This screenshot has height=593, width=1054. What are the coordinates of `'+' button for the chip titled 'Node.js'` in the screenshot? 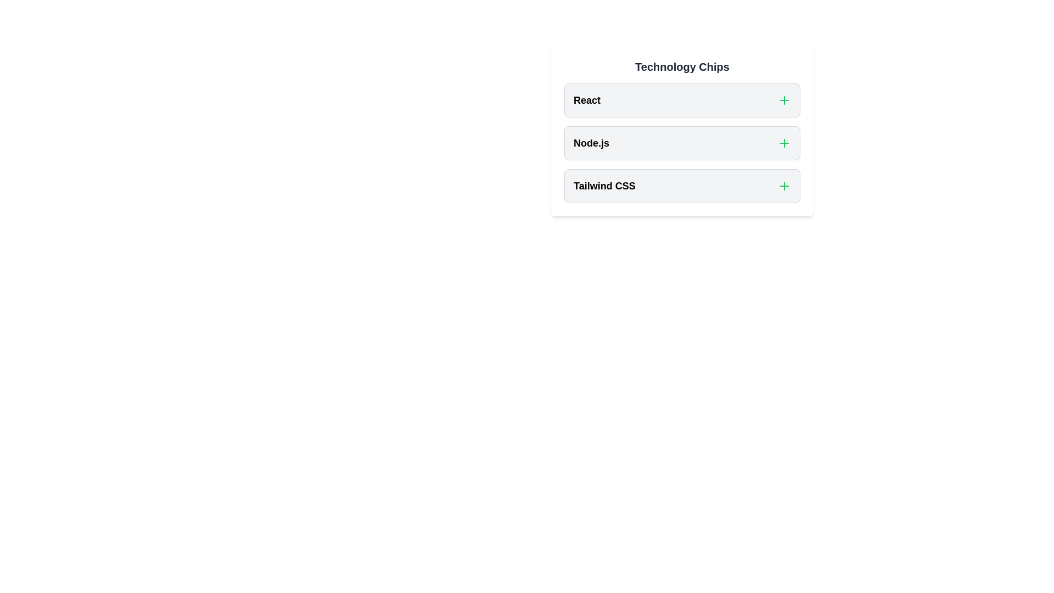 It's located at (784, 143).